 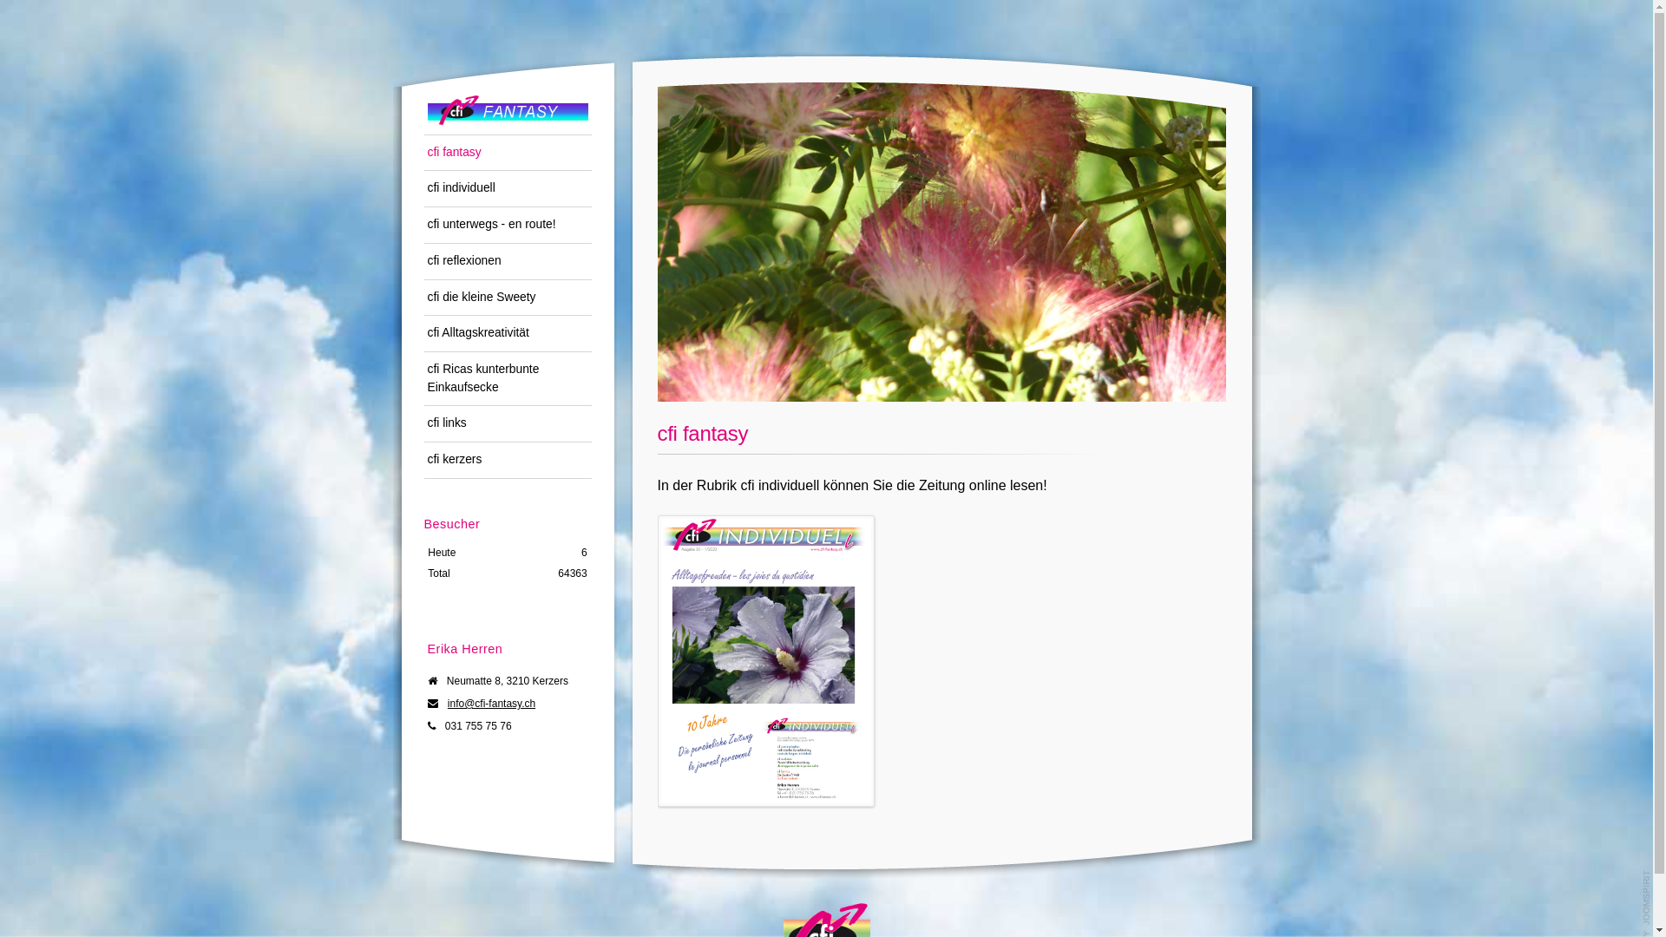 I want to click on 'cfi fantasy', so click(x=423, y=152).